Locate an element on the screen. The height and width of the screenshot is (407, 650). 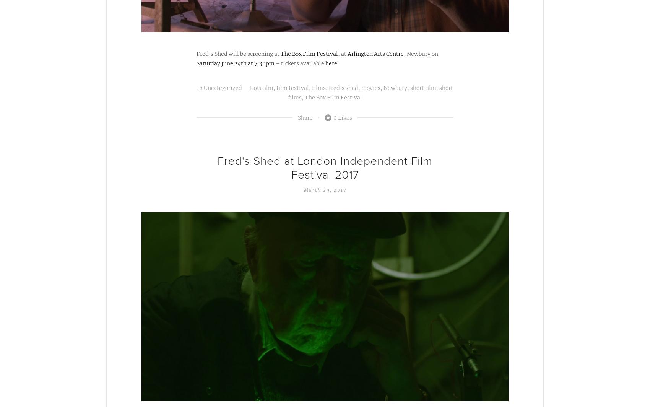
'Fred's Shed at London Independent Film Festival 2017' is located at coordinates (217, 168).